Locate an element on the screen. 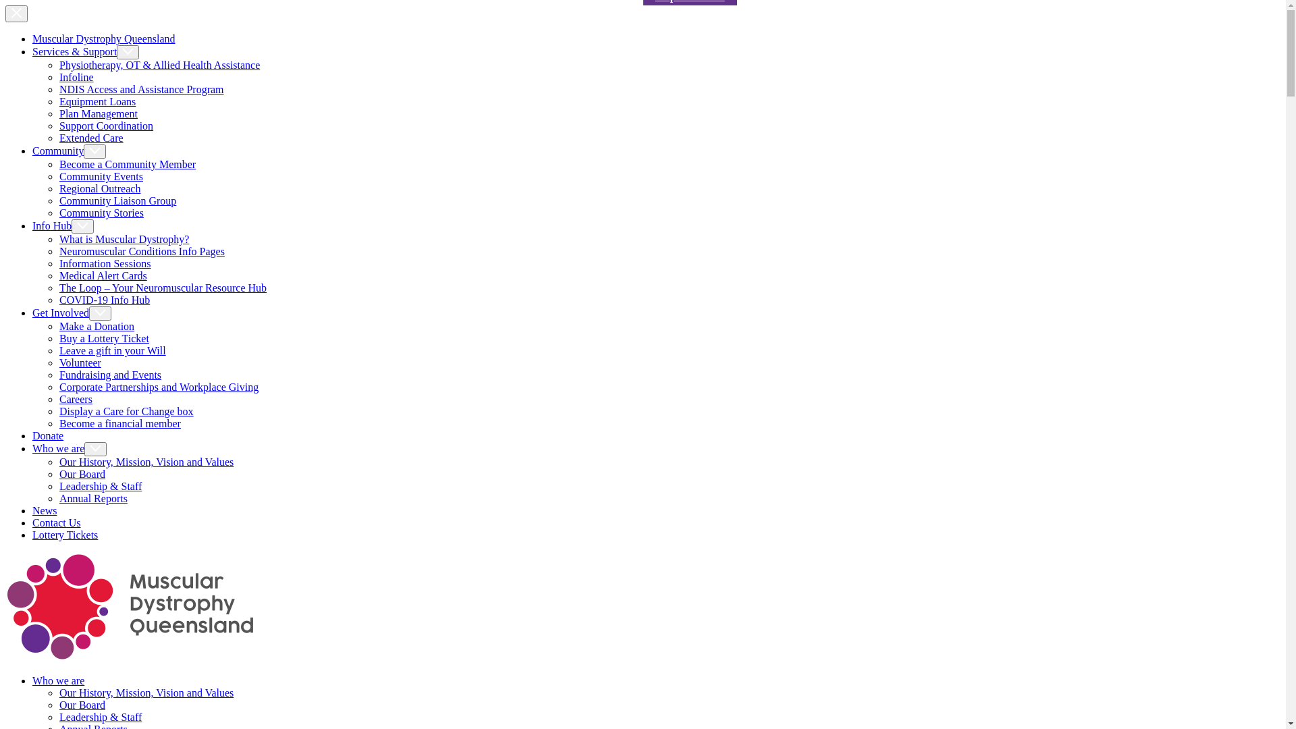 The height and width of the screenshot is (729, 1296). 'Info Hub' is located at coordinates (62, 225).